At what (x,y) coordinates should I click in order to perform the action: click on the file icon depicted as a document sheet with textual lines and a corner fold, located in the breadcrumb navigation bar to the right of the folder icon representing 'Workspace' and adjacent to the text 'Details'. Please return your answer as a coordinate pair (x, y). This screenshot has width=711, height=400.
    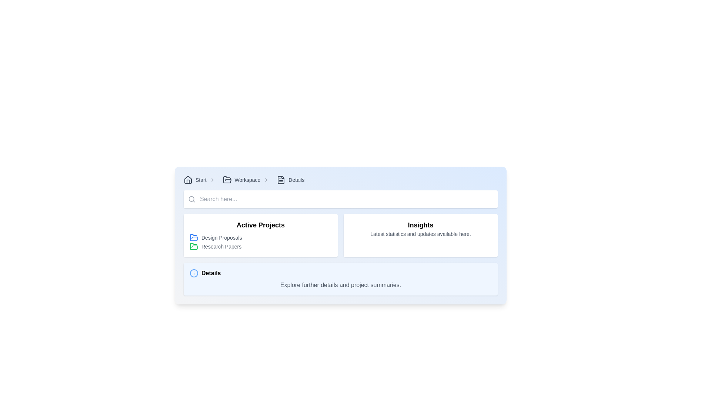
    Looking at the image, I should click on (281, 180).